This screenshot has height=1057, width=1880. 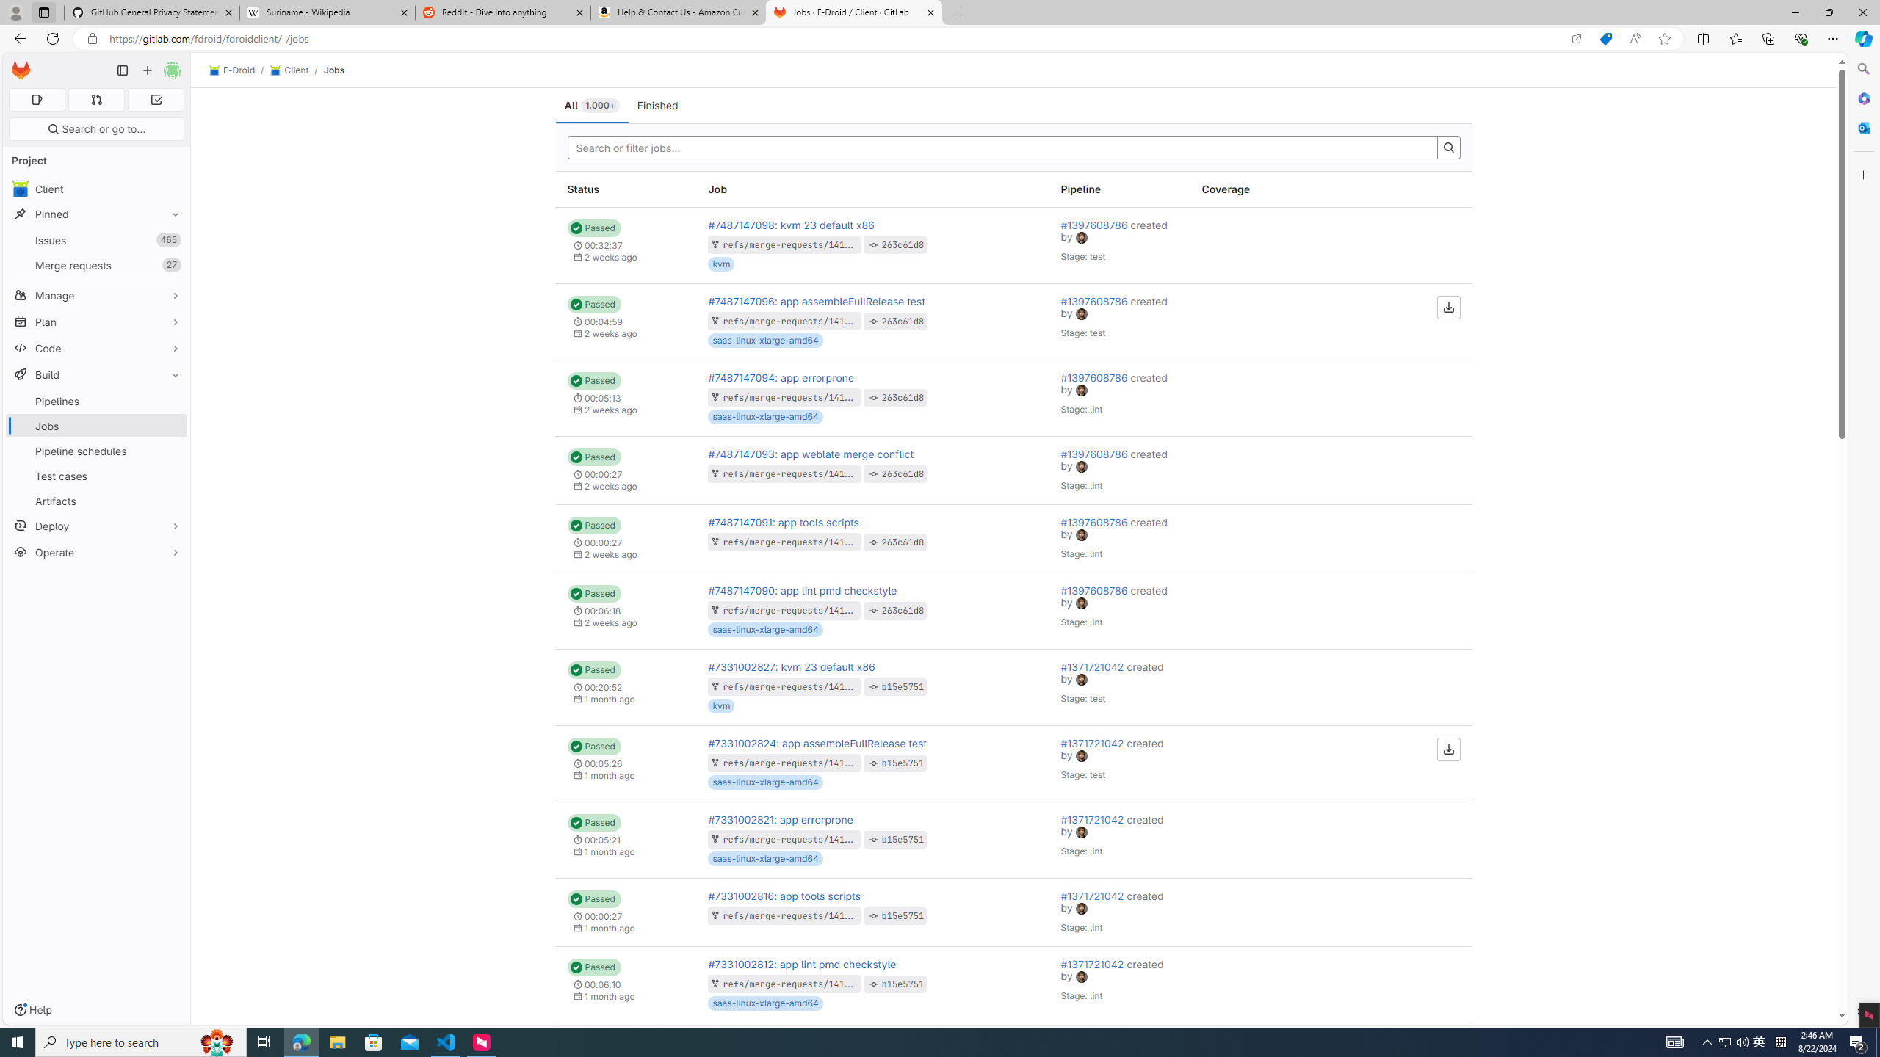 I want to click on 'Pin Jobs', so click(x=171, y=425).